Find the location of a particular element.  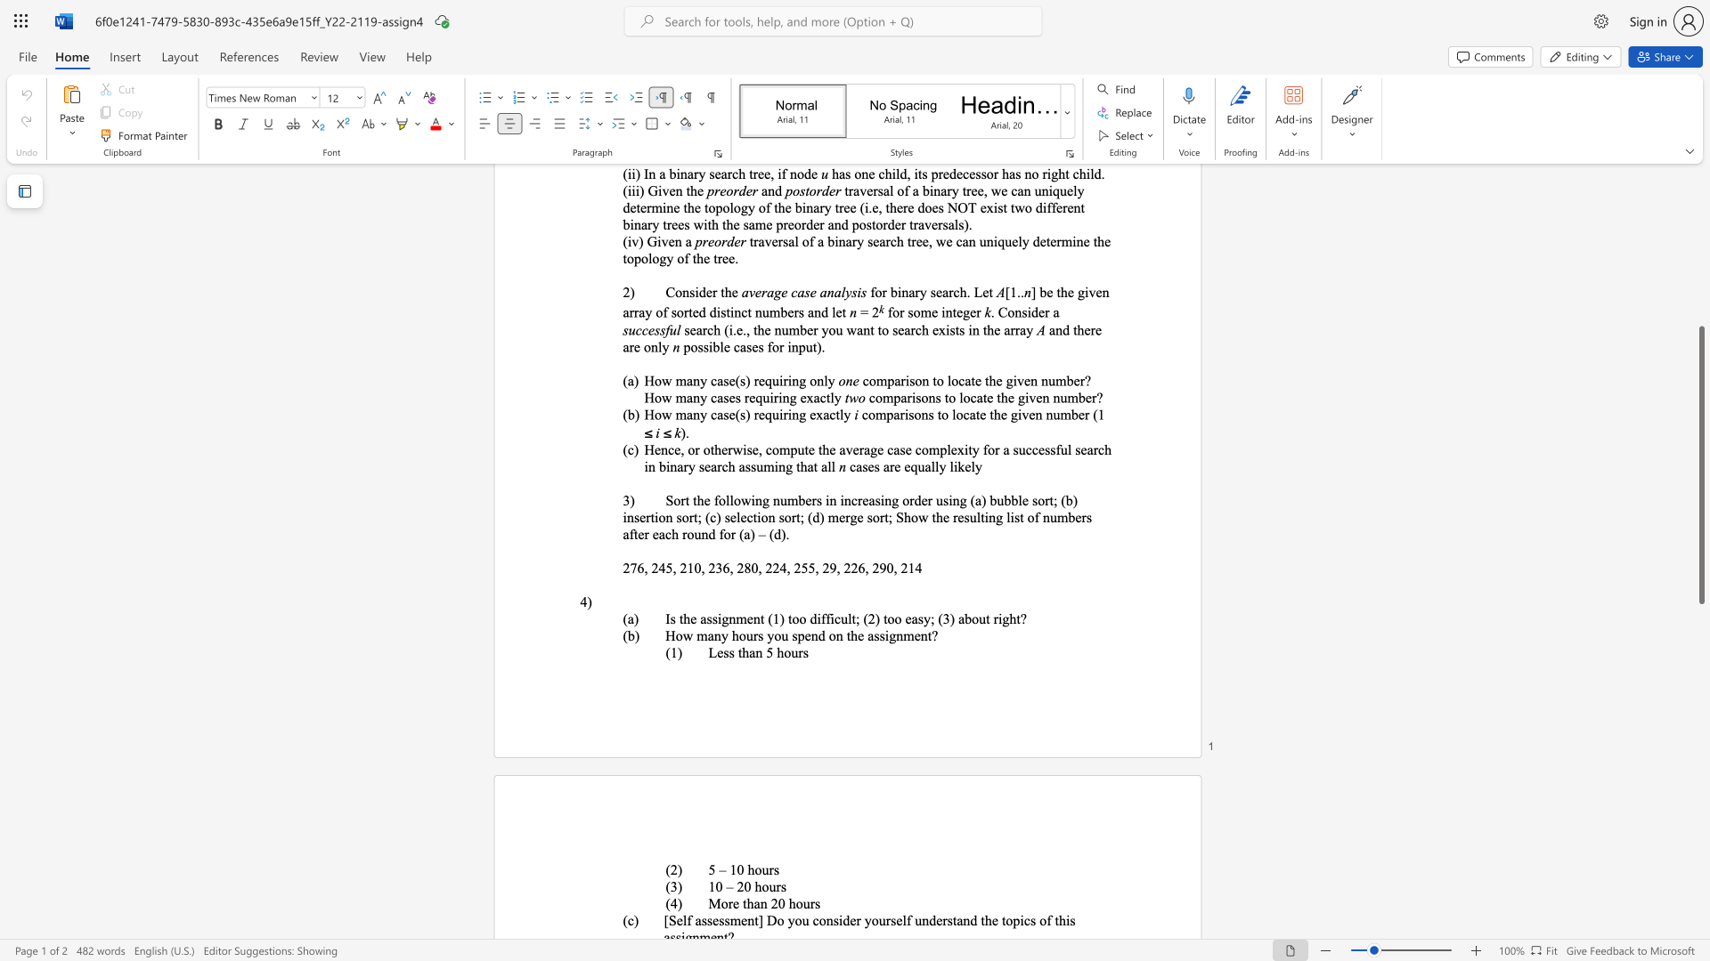

the subset text "10" within the text "5 – 10 hours" is located at coordinates (729, 868).